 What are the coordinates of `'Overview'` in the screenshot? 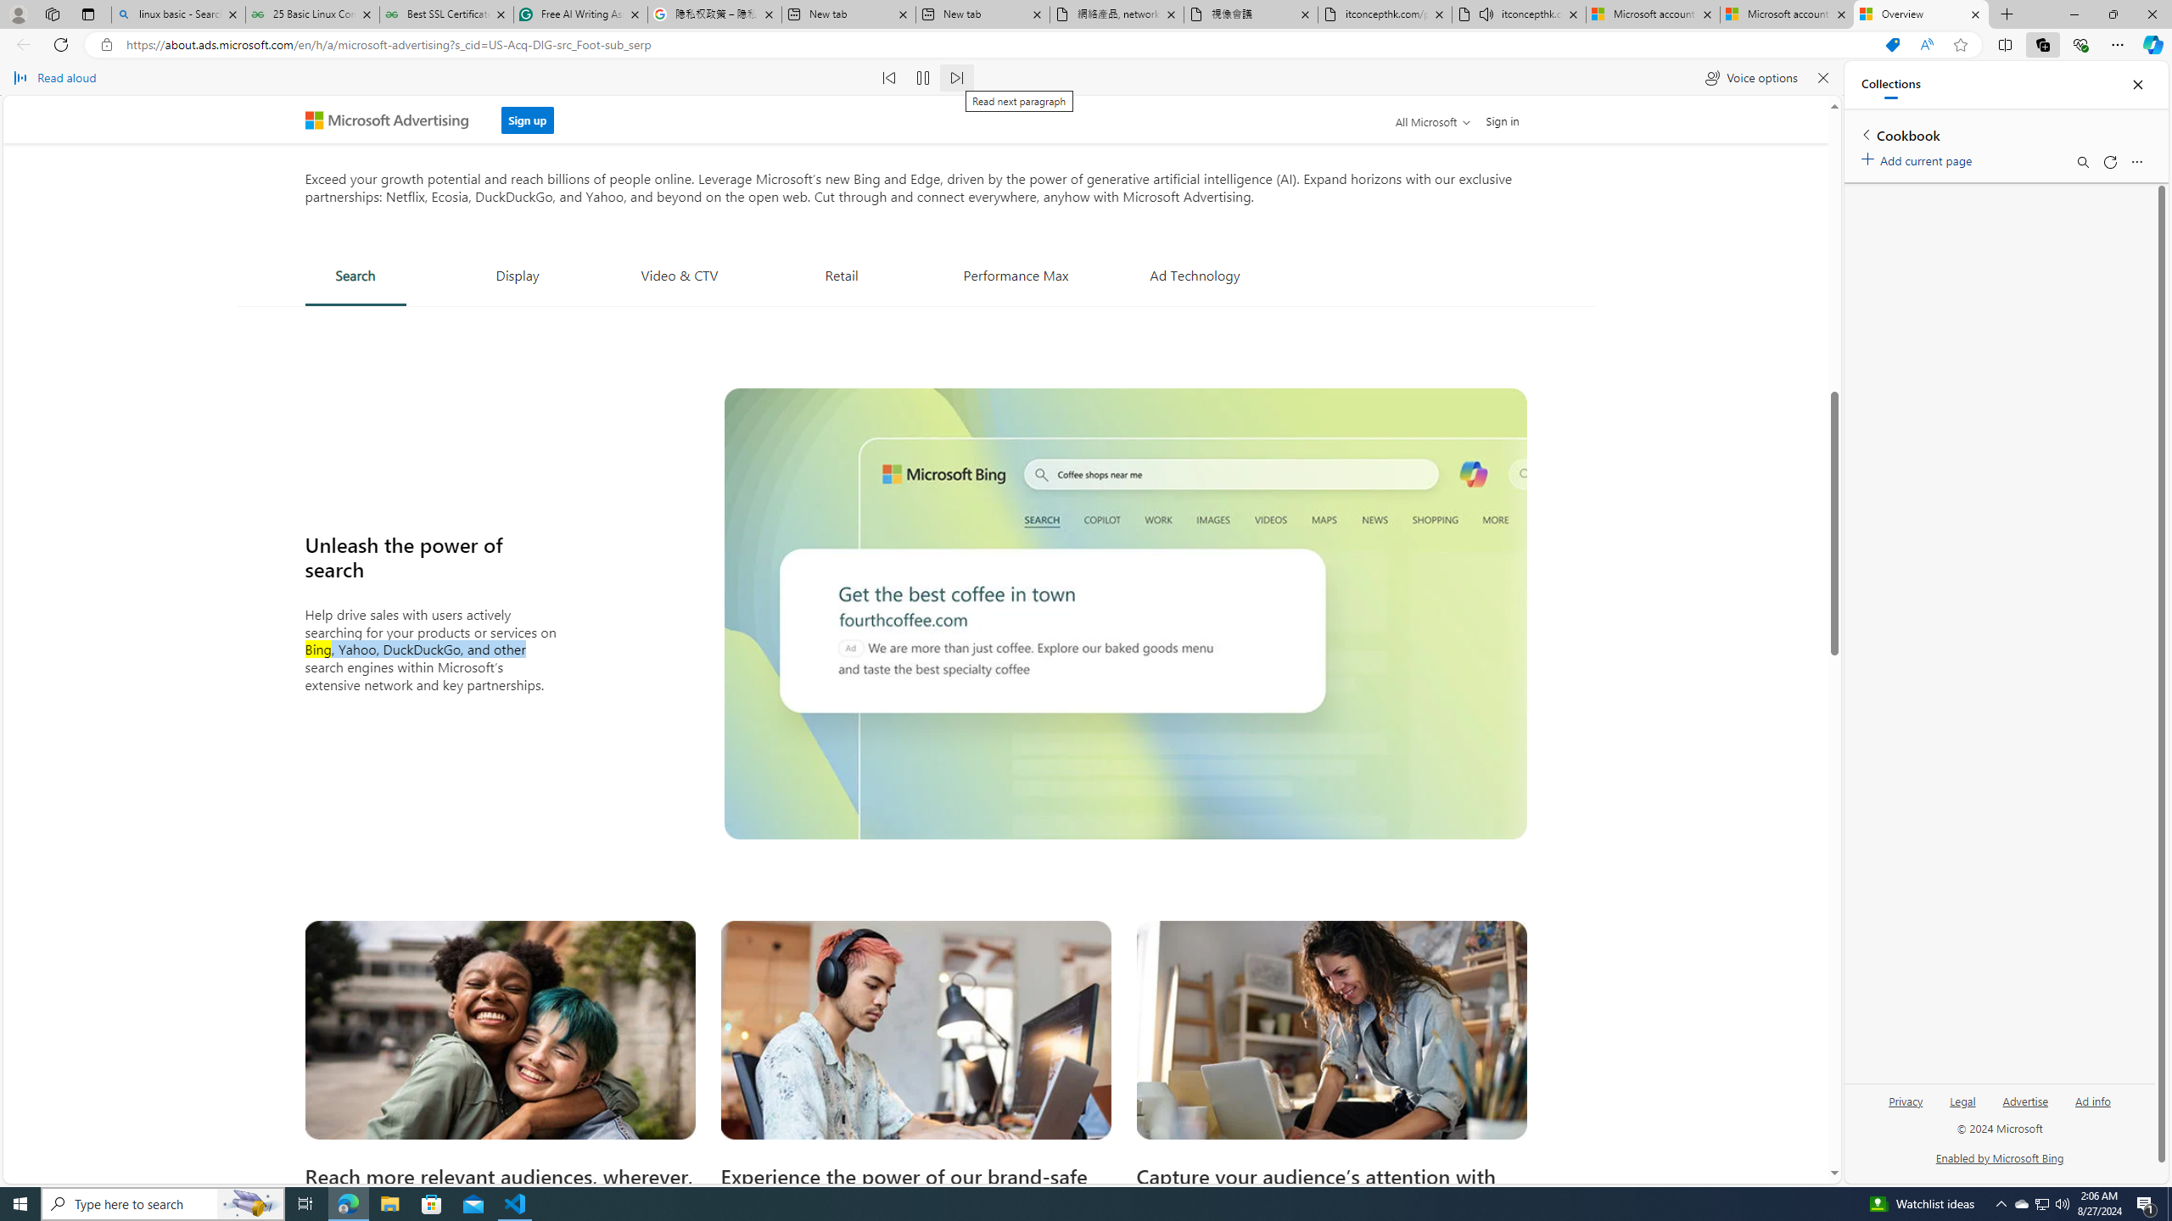 It's located at (1920, 14).